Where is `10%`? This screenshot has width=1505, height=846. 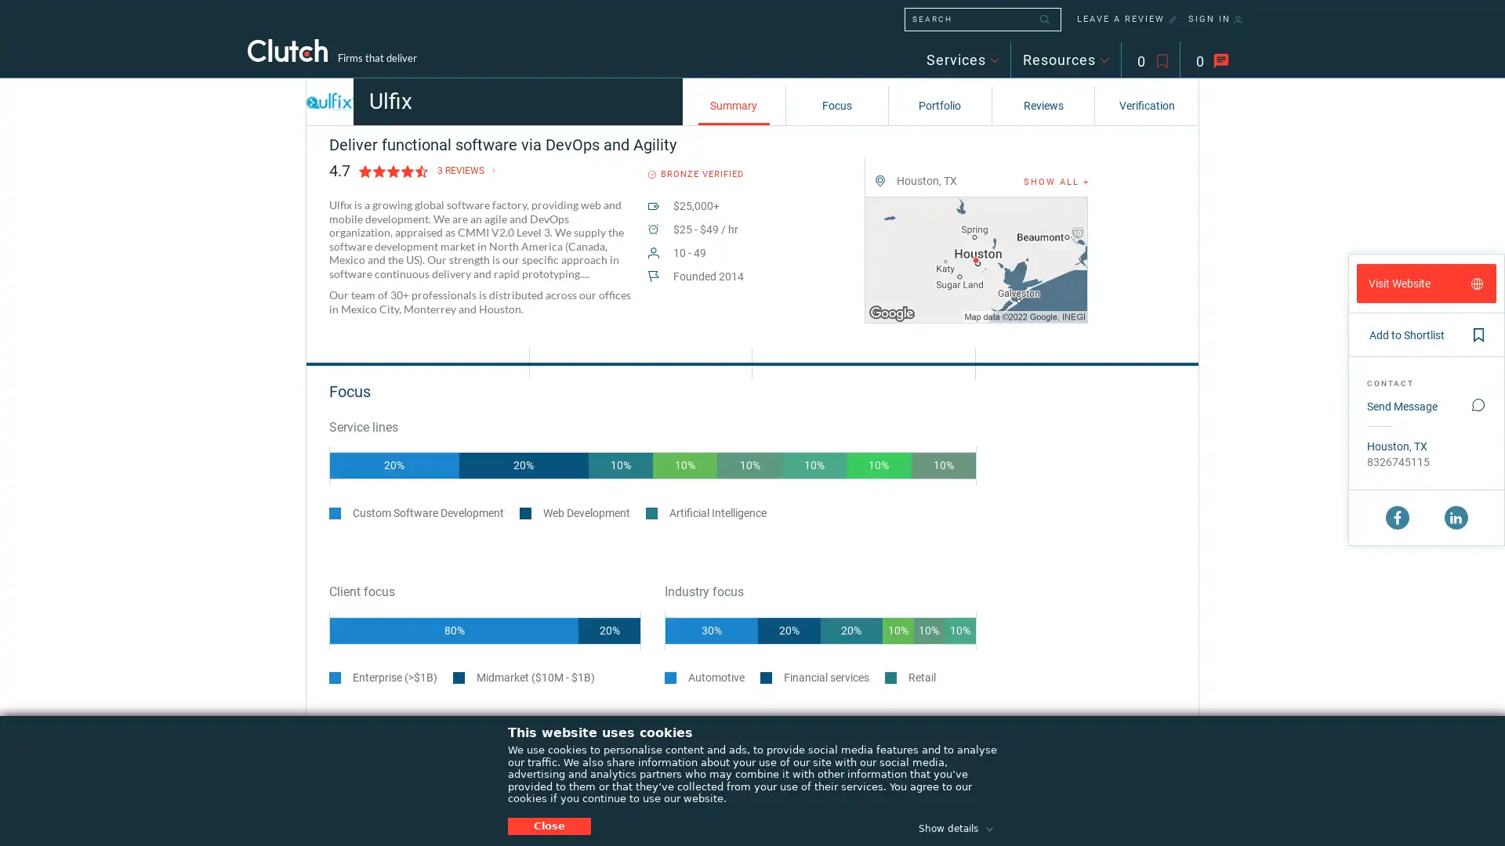 10% is located at coordinates (942, 465).